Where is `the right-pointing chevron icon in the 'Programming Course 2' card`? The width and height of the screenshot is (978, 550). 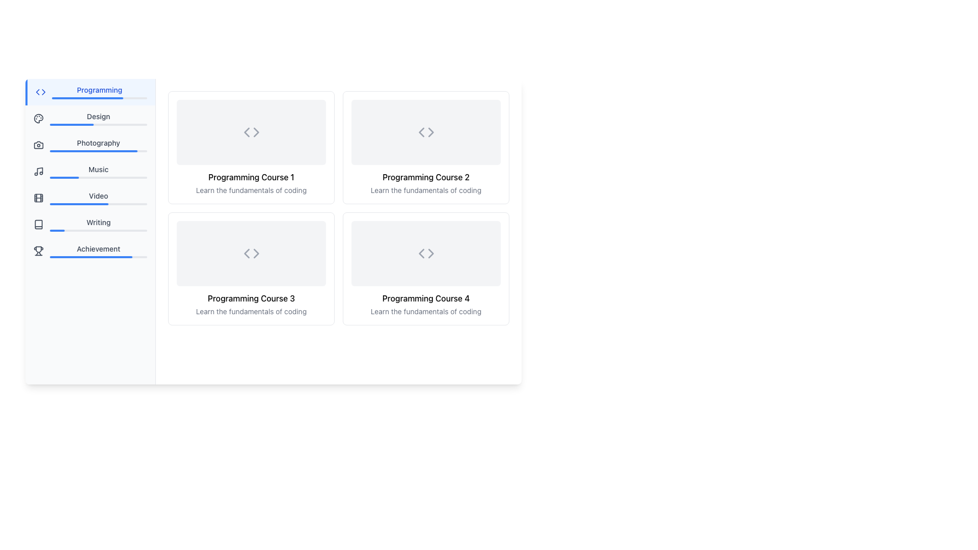
the right-pointing chevron icon in the 'Programming Course 2' card is located at coordinates (430, 131).